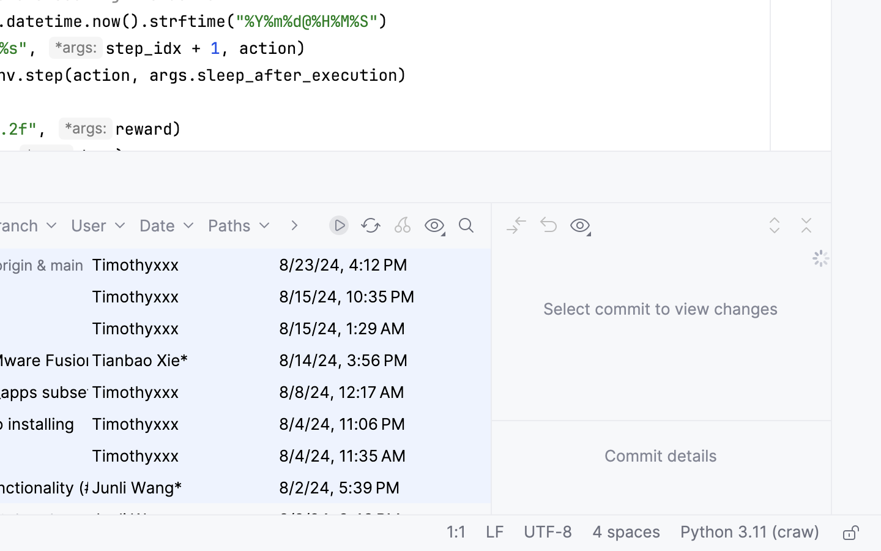 This screenshot has width=881, height=551. I want to click on 'LF', so click(494, 533).